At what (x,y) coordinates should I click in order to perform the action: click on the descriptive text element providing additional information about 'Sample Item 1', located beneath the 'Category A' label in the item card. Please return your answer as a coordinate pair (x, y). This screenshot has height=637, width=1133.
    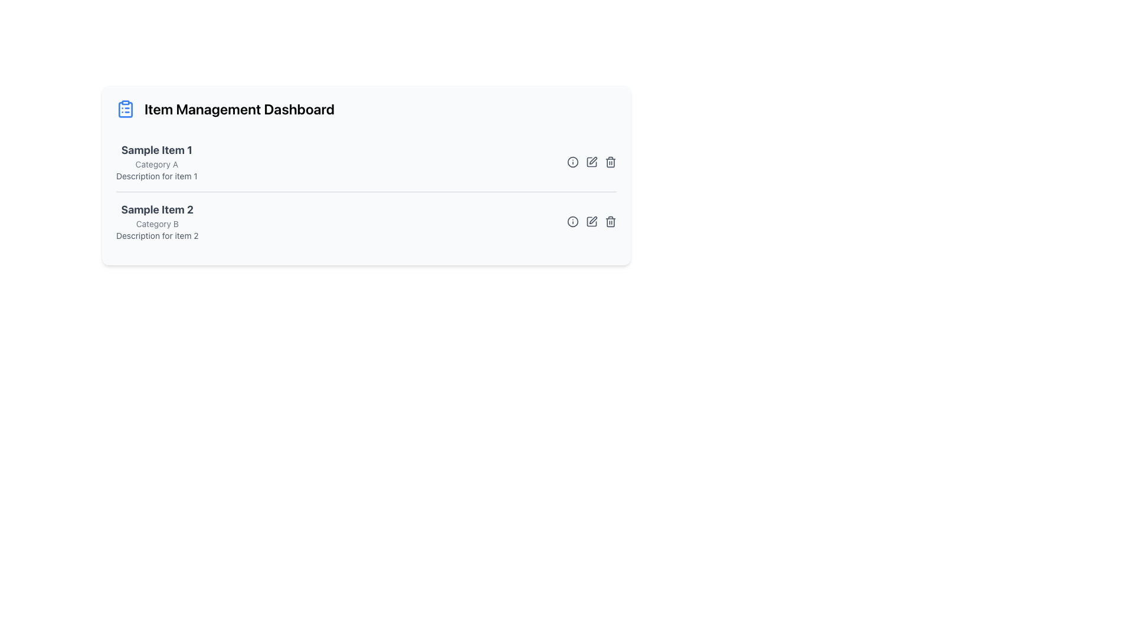
    Looking at the image, I should click on (156, 176).